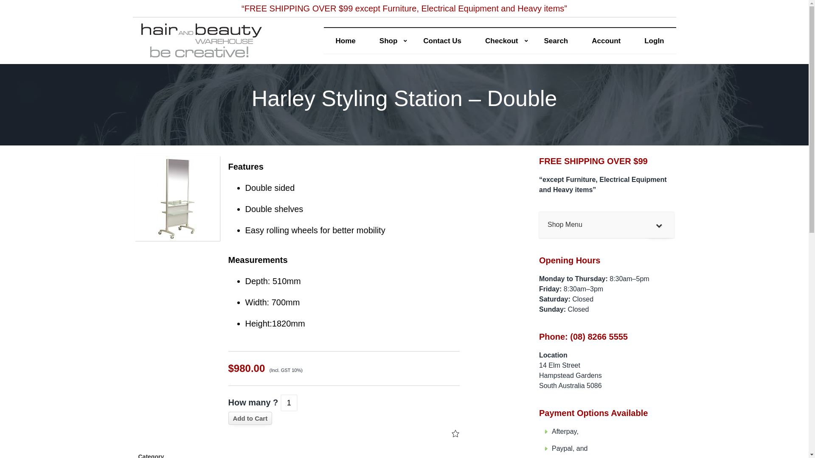  What do you see at coordinates (556, 41) in the screenshot?
I see `'Search'` at bounding box center [556, 41].